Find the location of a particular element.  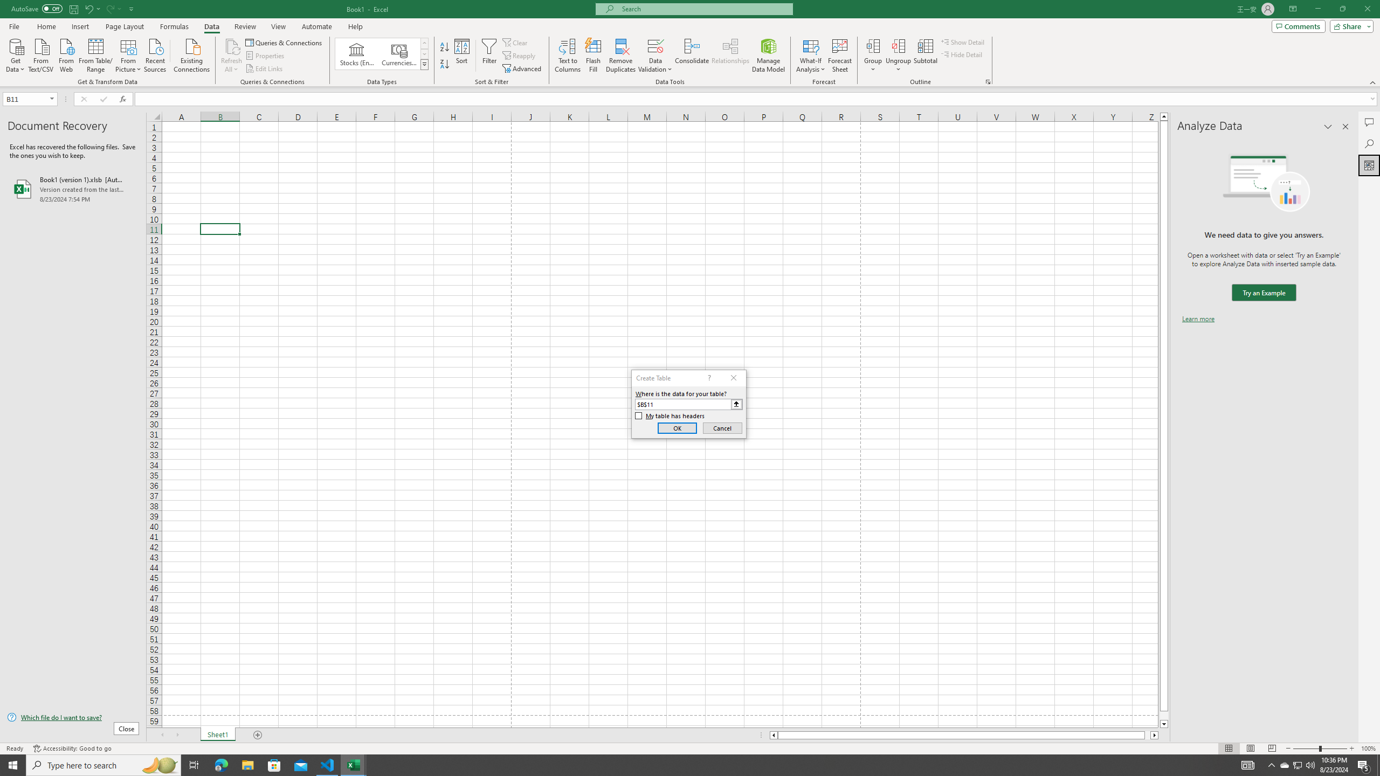

'AutoSave' is located at coordinates (37, 8).